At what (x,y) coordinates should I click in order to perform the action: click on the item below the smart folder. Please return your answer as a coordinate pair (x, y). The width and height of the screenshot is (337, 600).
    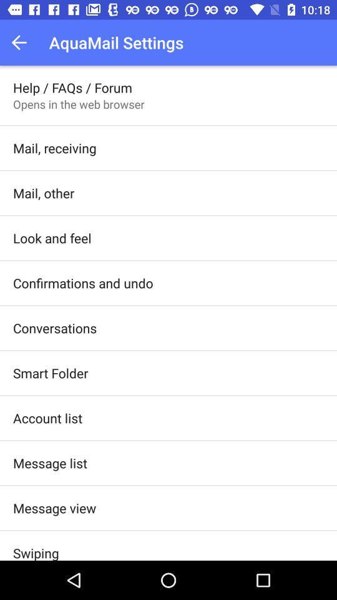
    Looking at the image, I should click on (47, 418).